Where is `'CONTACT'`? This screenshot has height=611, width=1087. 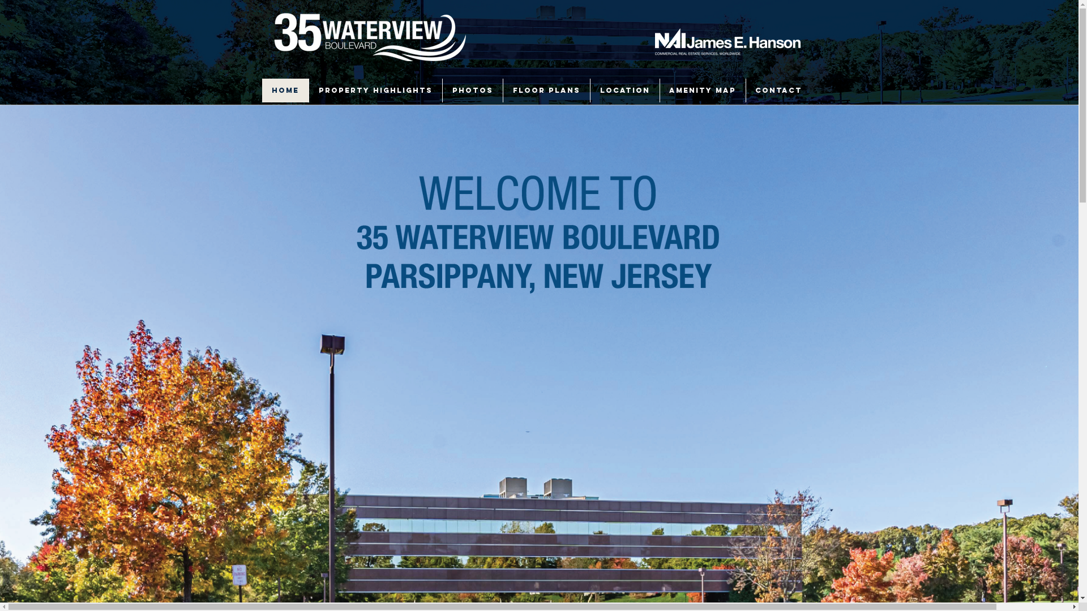 'CONTACT' is located at coordinates (777, 89).